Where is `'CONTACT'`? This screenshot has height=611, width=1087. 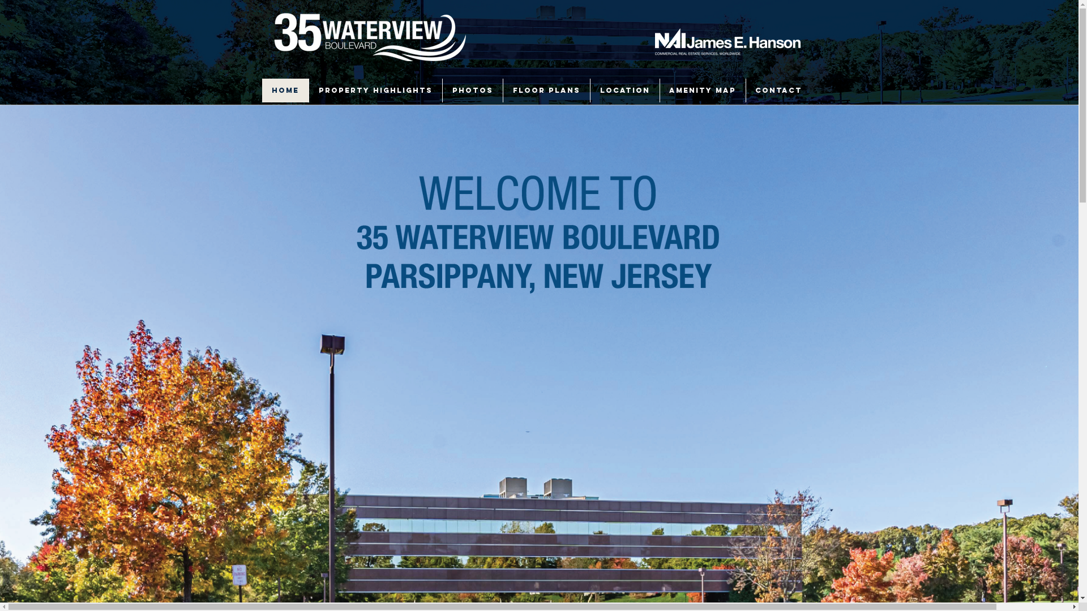 'CONTACT' is located at coordinates (777, 89).